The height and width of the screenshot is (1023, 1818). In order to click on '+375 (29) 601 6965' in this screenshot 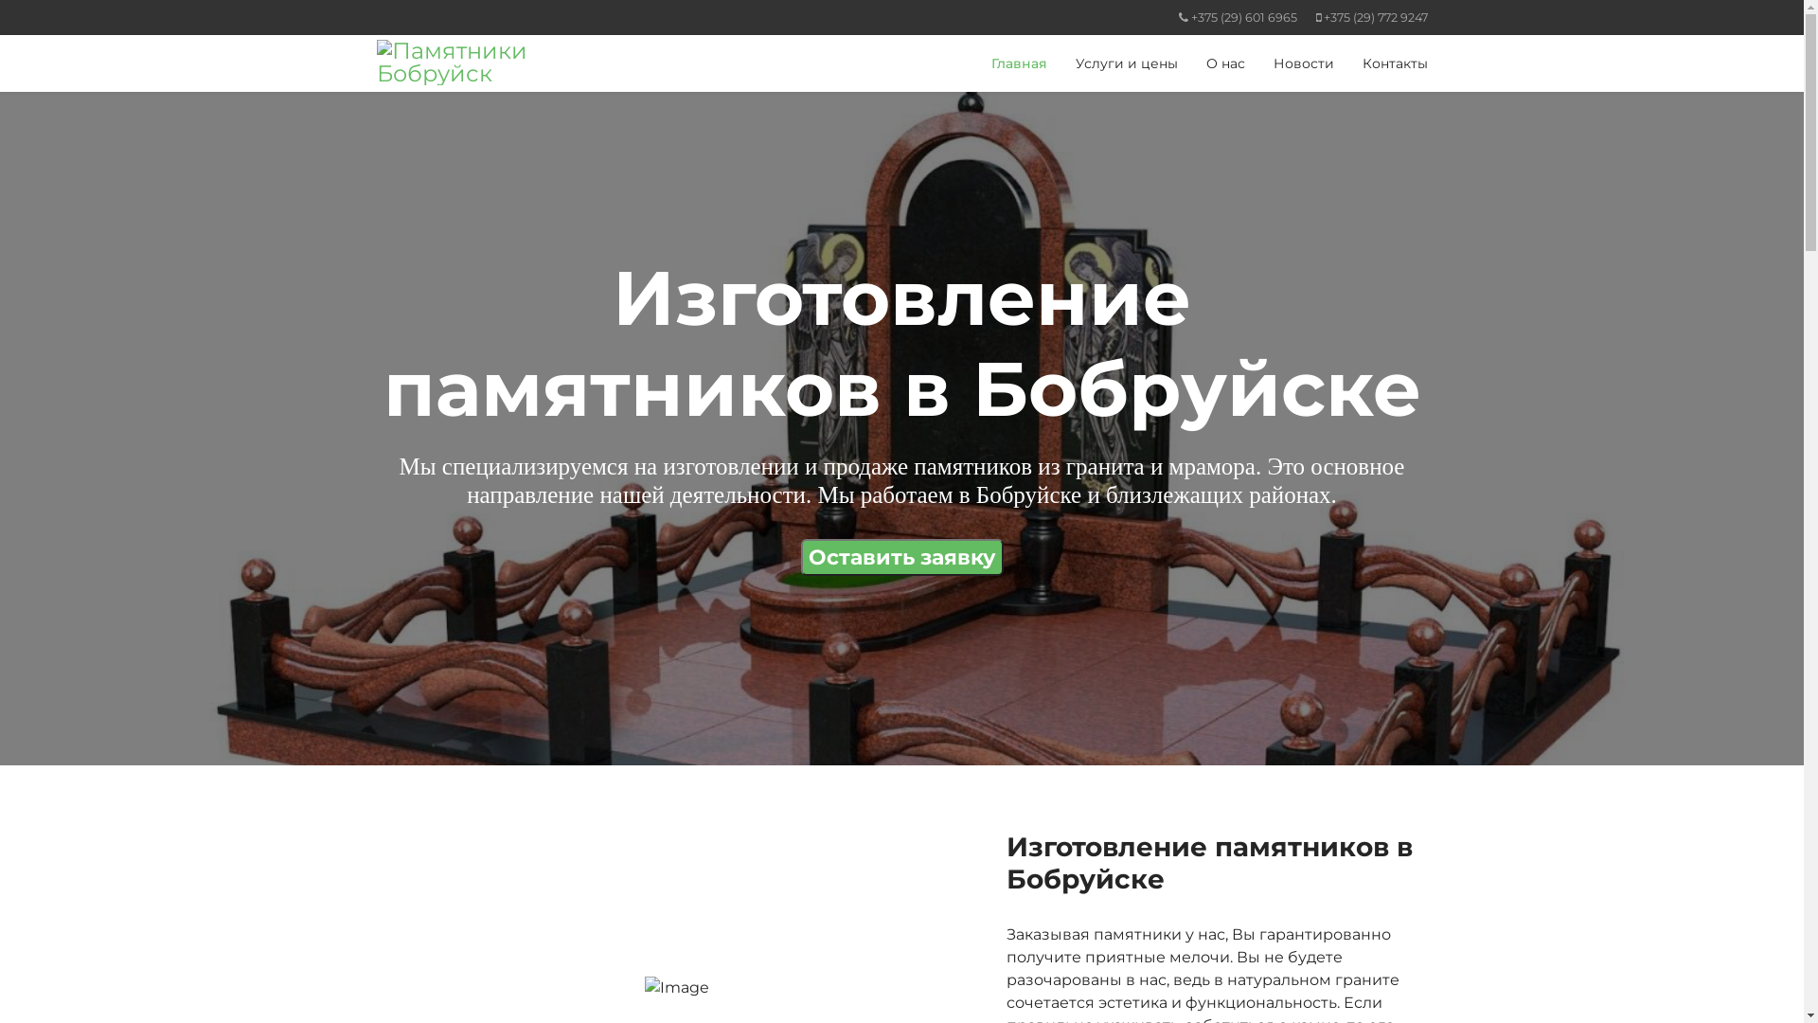, I will do `click(1244, 17)`.